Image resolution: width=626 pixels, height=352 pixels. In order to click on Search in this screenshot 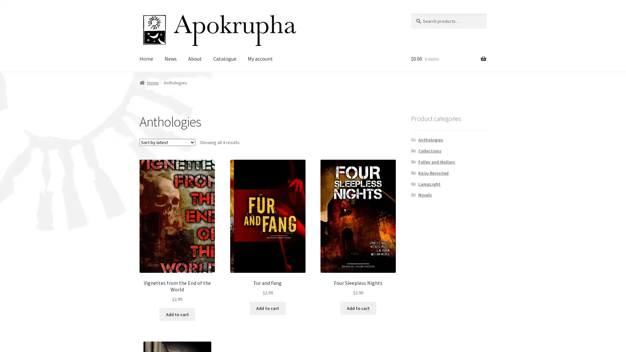, I will do `click(410, 13)`.